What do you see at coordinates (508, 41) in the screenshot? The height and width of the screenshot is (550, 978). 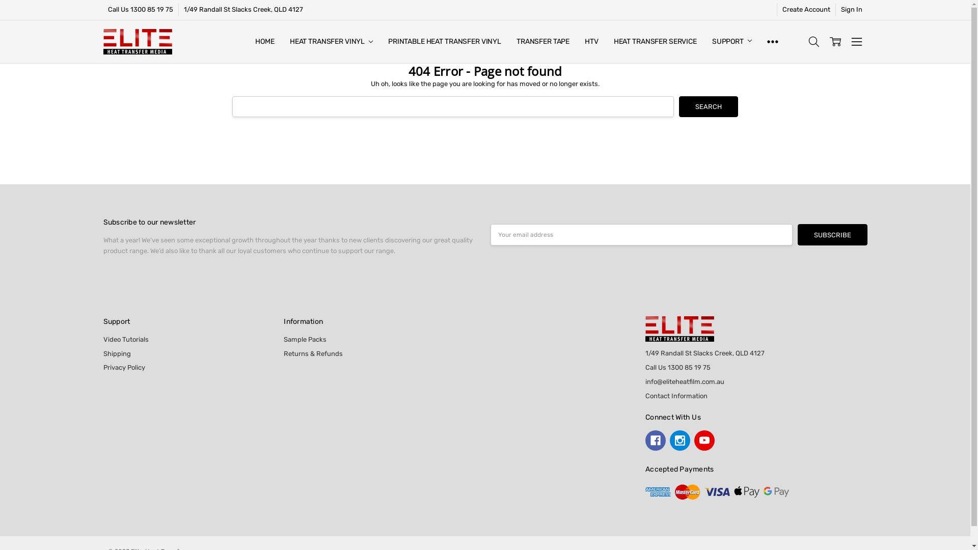 I see `'TRANSFER TAPE'` at bounding box center [508, 41].